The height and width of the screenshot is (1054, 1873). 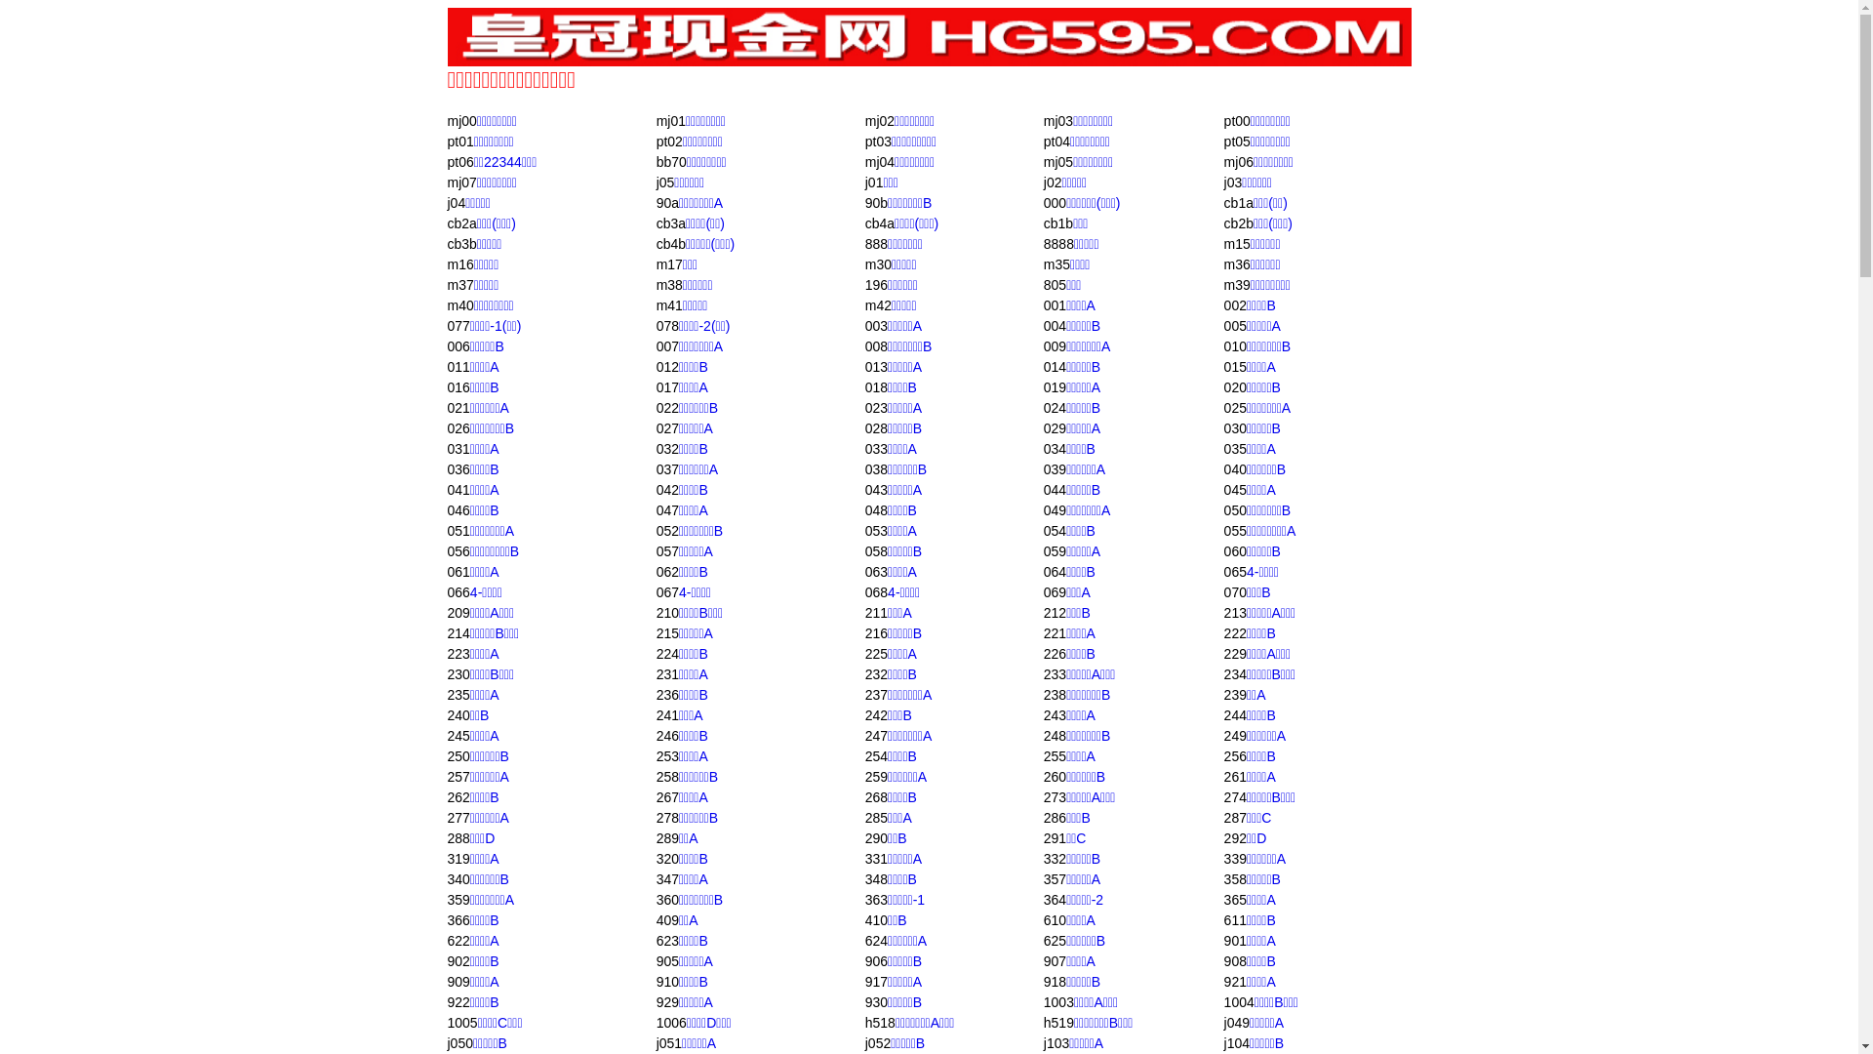 What do you see at coordinates (1054, 530) in the screenshot?
I see `'054'` at bounding box center [1054, 530].